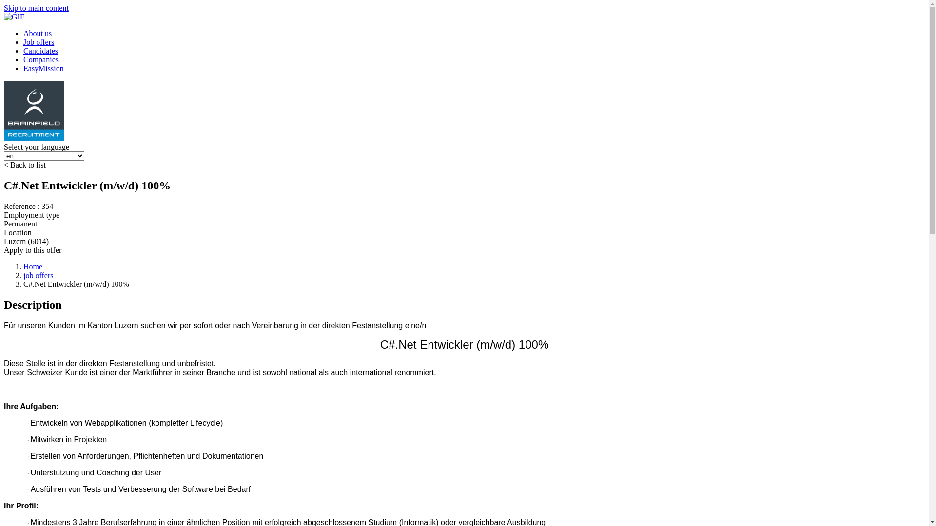 The image size is (936, 526). What do you see at coordinates (43, 68) in the screenshot?
I see `'EasyMission'` at bounding box center [43, 68].